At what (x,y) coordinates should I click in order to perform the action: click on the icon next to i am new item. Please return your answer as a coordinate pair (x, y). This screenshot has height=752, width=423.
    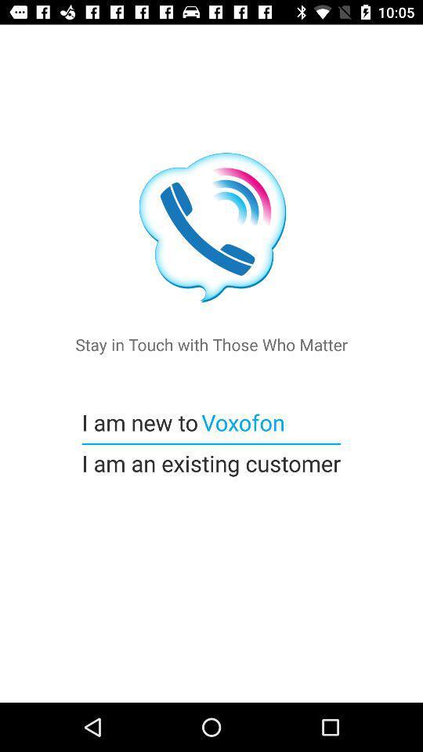
    Looking at the image, I should click on (241, 421).